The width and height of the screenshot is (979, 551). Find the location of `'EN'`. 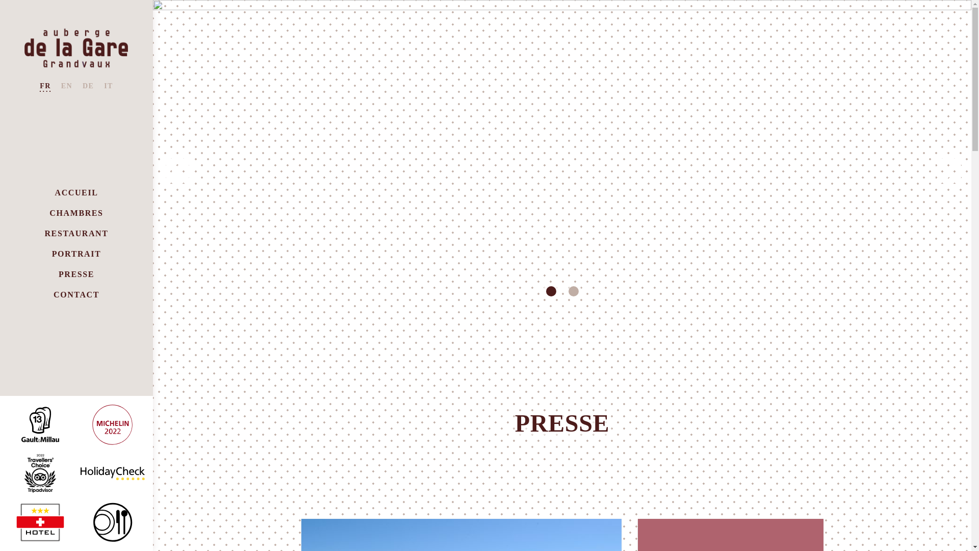

'EN' is located at coordinates (66, 86).